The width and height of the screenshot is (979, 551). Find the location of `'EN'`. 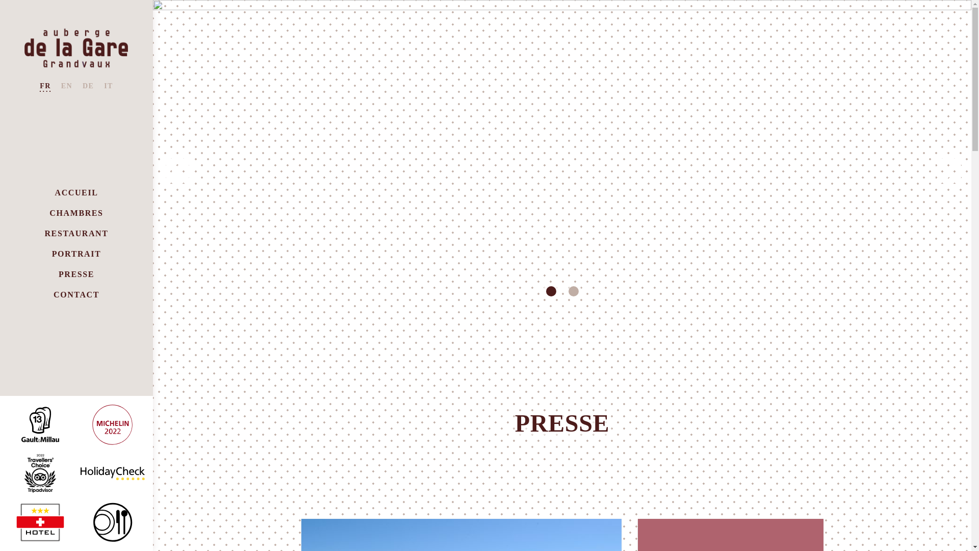

'EN' is located at coordinates (66, 86).